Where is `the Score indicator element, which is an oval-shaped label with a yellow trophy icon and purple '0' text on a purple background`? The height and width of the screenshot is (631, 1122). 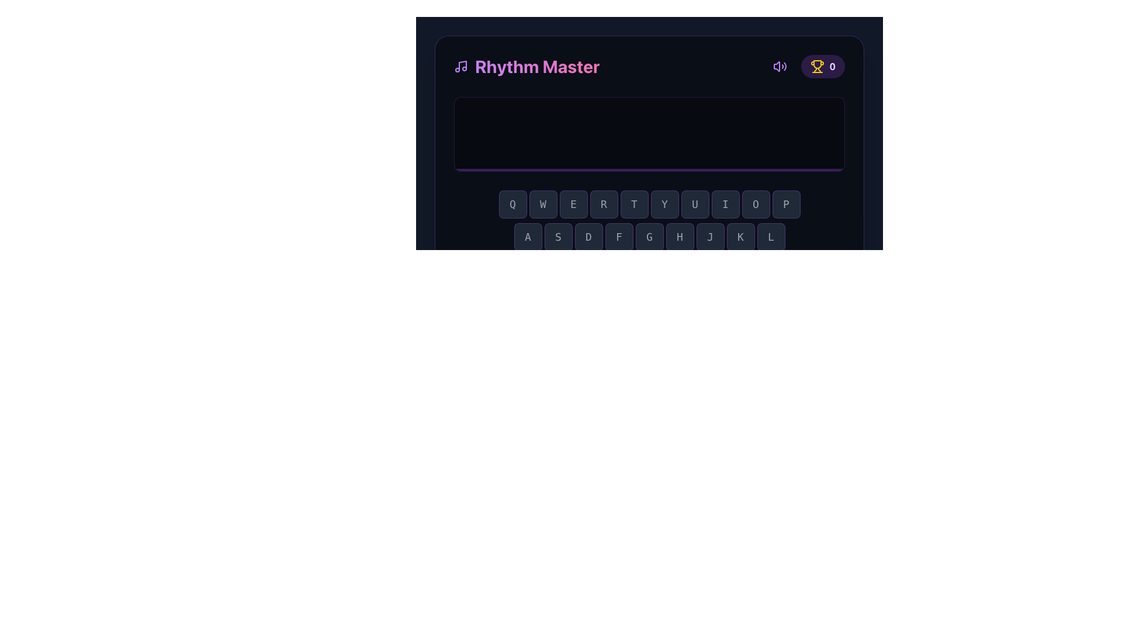 the Score indicator element, which is an oval-shaped label with a yellow trophy icon and purple '0' text on a purple background is located at coordinates (822, 67).